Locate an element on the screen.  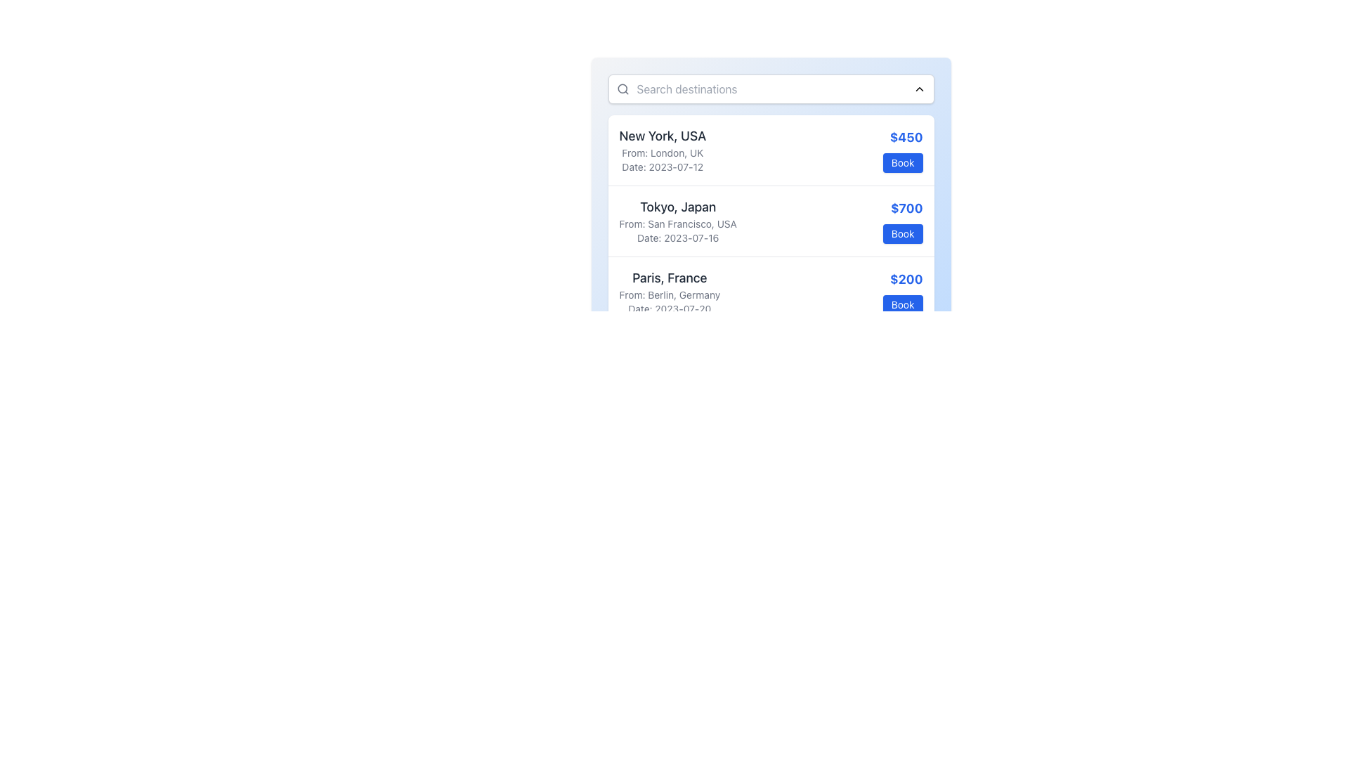
the price display for the 'Paris, France' travel destination is located at coordinates (903, 279).